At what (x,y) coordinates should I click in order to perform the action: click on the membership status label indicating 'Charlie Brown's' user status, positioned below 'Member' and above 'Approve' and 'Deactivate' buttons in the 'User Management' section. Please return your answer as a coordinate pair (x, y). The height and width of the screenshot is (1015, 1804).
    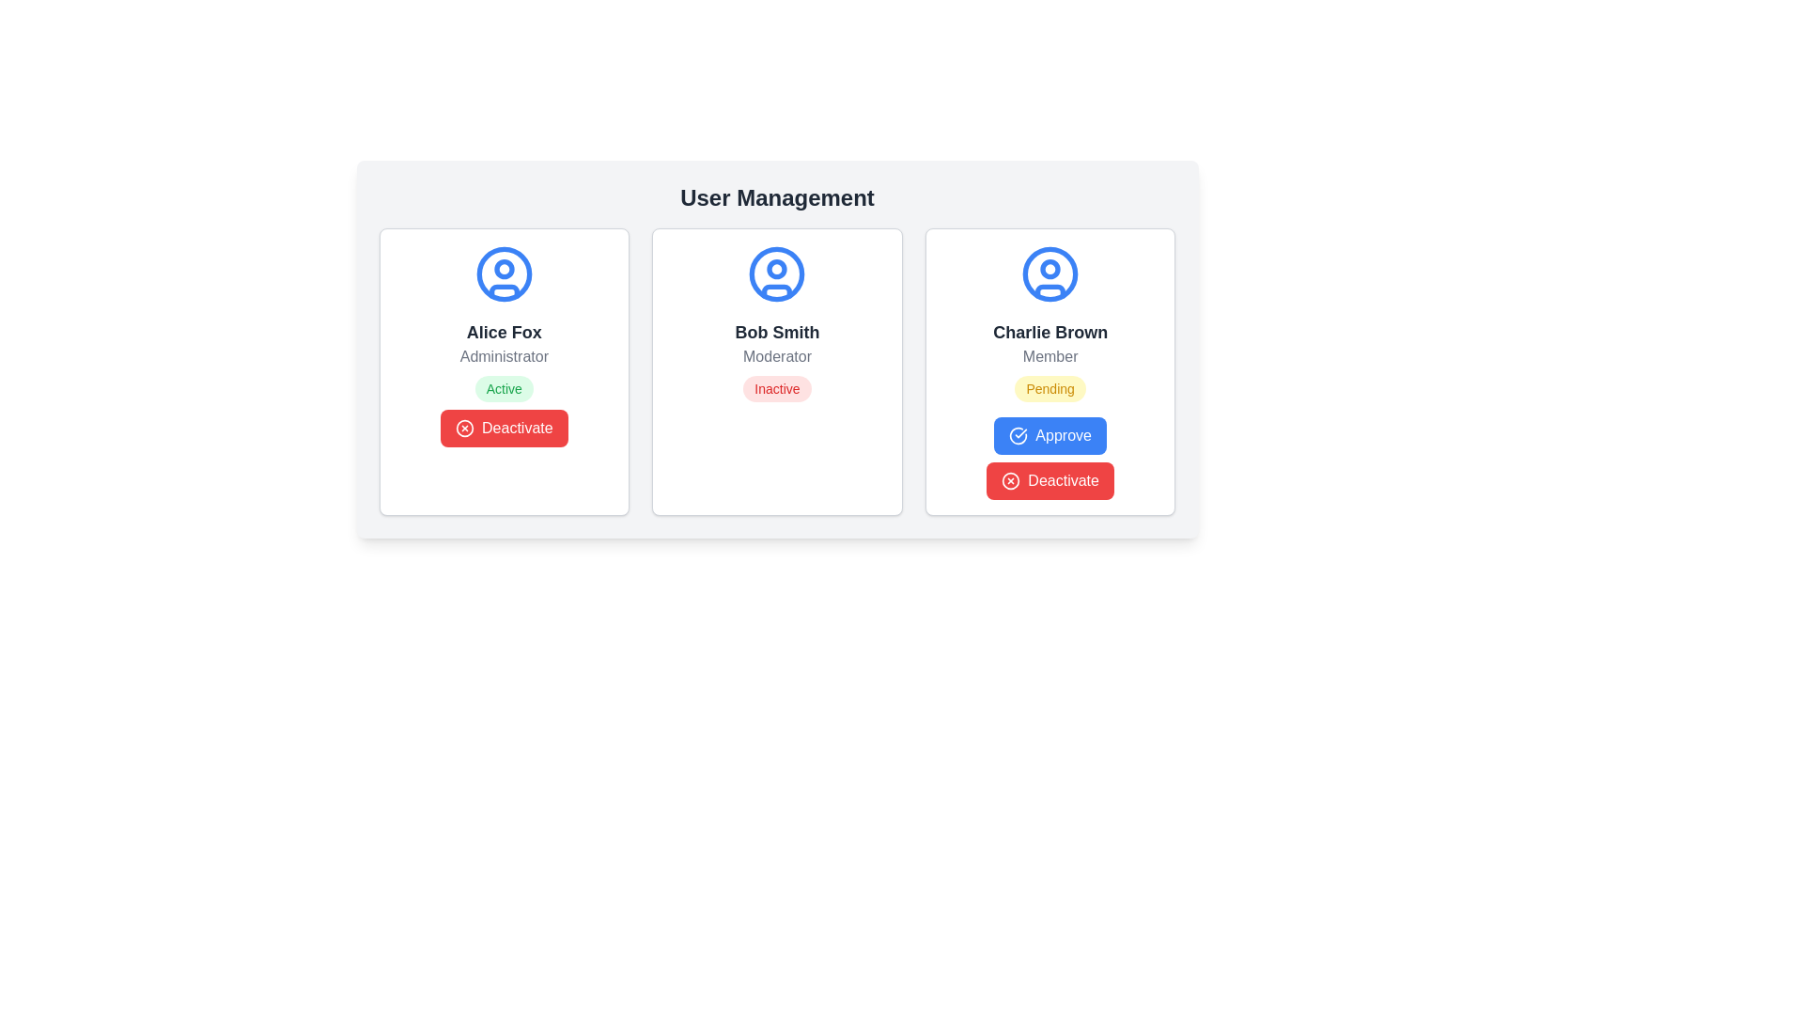
    Looking at the image, I should click on (1050, 387).